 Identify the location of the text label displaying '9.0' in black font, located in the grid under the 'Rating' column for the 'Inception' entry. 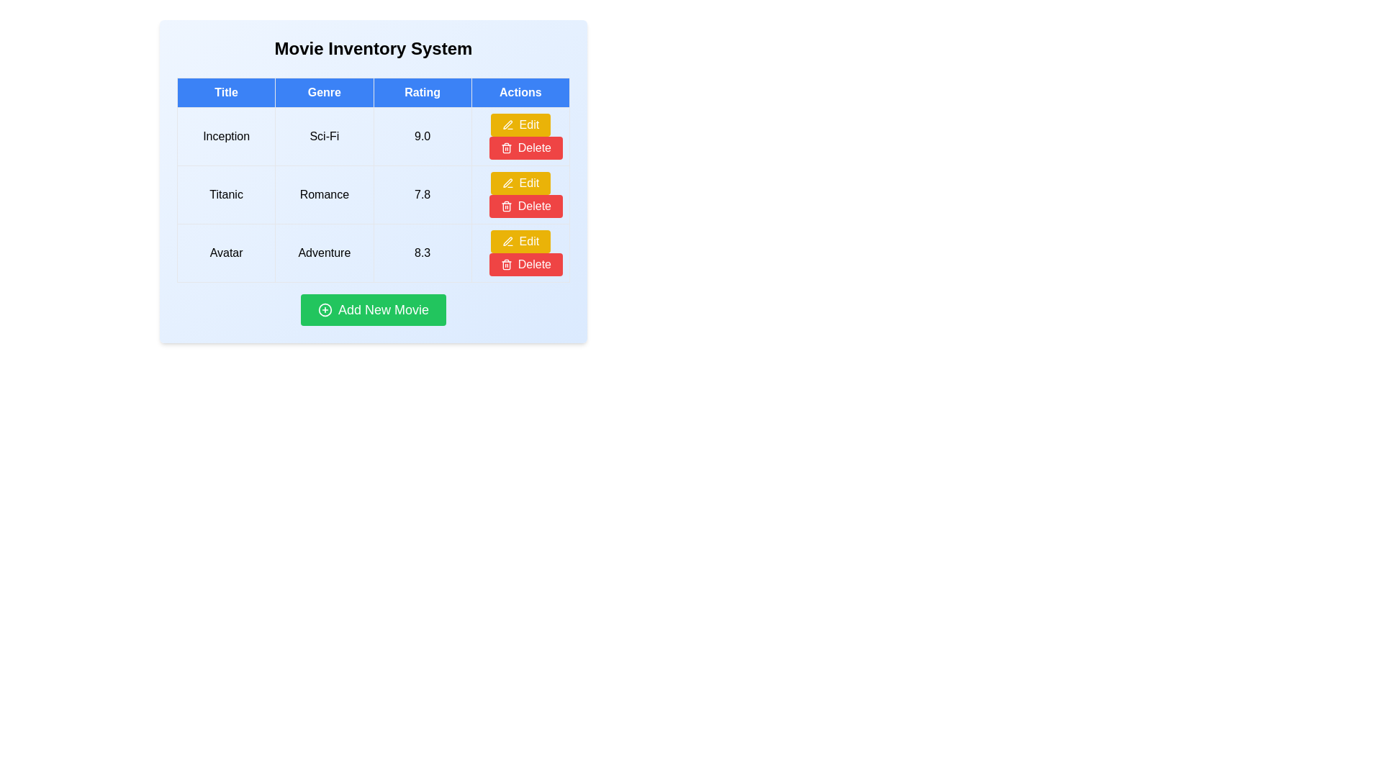
(422, 136).